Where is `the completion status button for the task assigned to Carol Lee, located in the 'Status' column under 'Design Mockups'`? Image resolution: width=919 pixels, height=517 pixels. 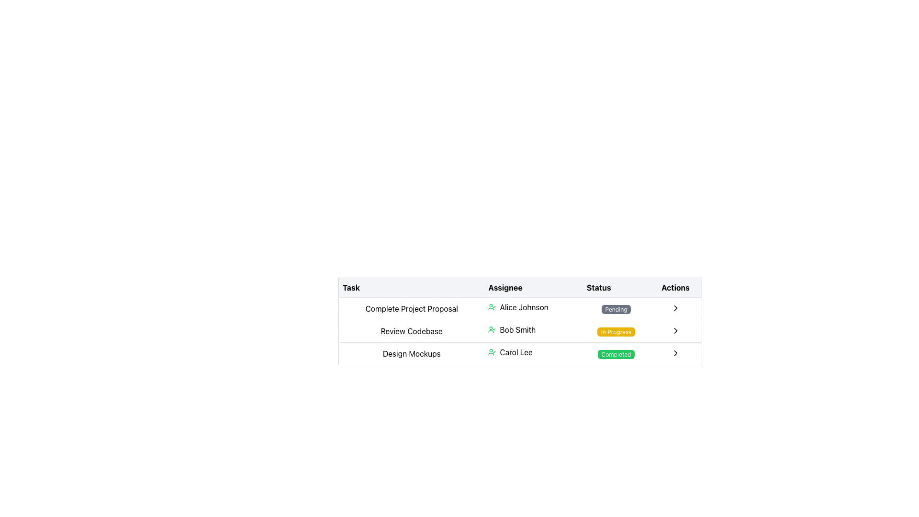 the completion status button for the task assigned to Carol Lee, located in the 'Status' column under 'Design Mockups' is located at coordinates (616, 354).